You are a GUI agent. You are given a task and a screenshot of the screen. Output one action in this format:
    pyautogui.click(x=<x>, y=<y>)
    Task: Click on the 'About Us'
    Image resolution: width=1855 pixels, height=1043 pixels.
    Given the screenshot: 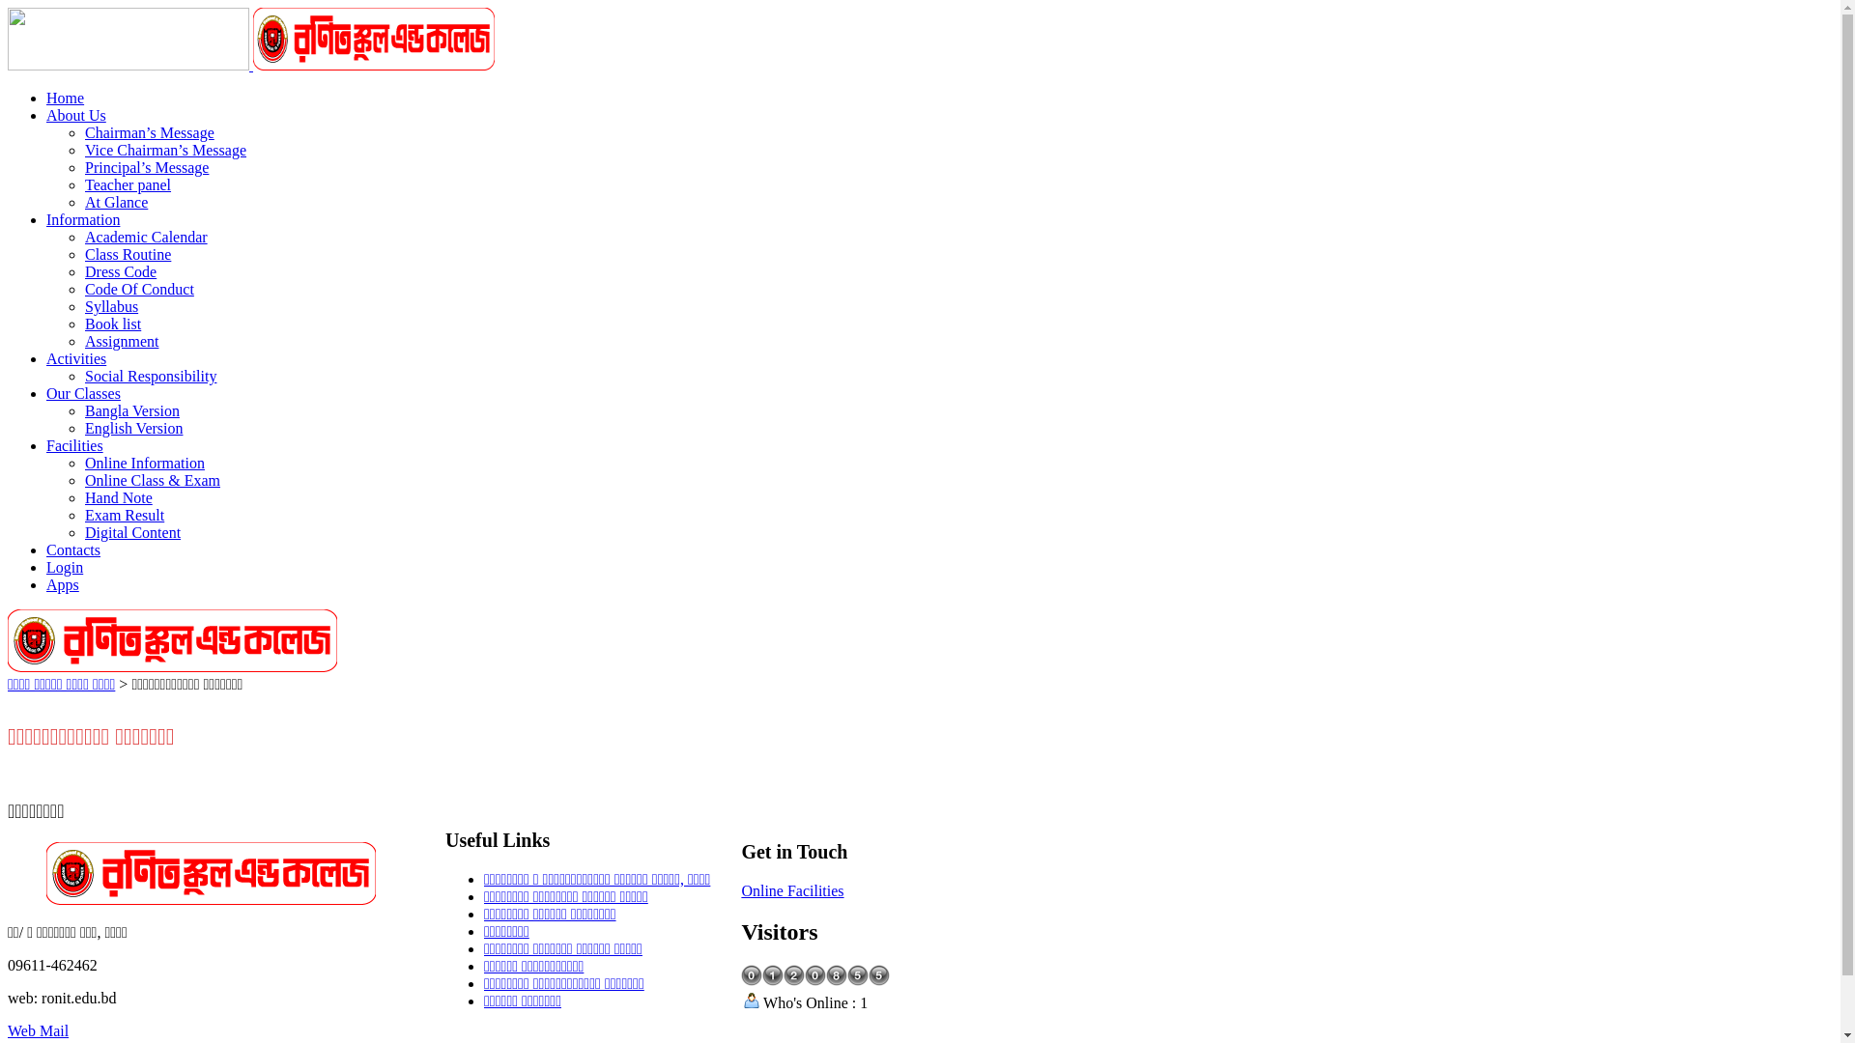 What is the action you would take?
    pyautogui.click(x=75, y=115)
    